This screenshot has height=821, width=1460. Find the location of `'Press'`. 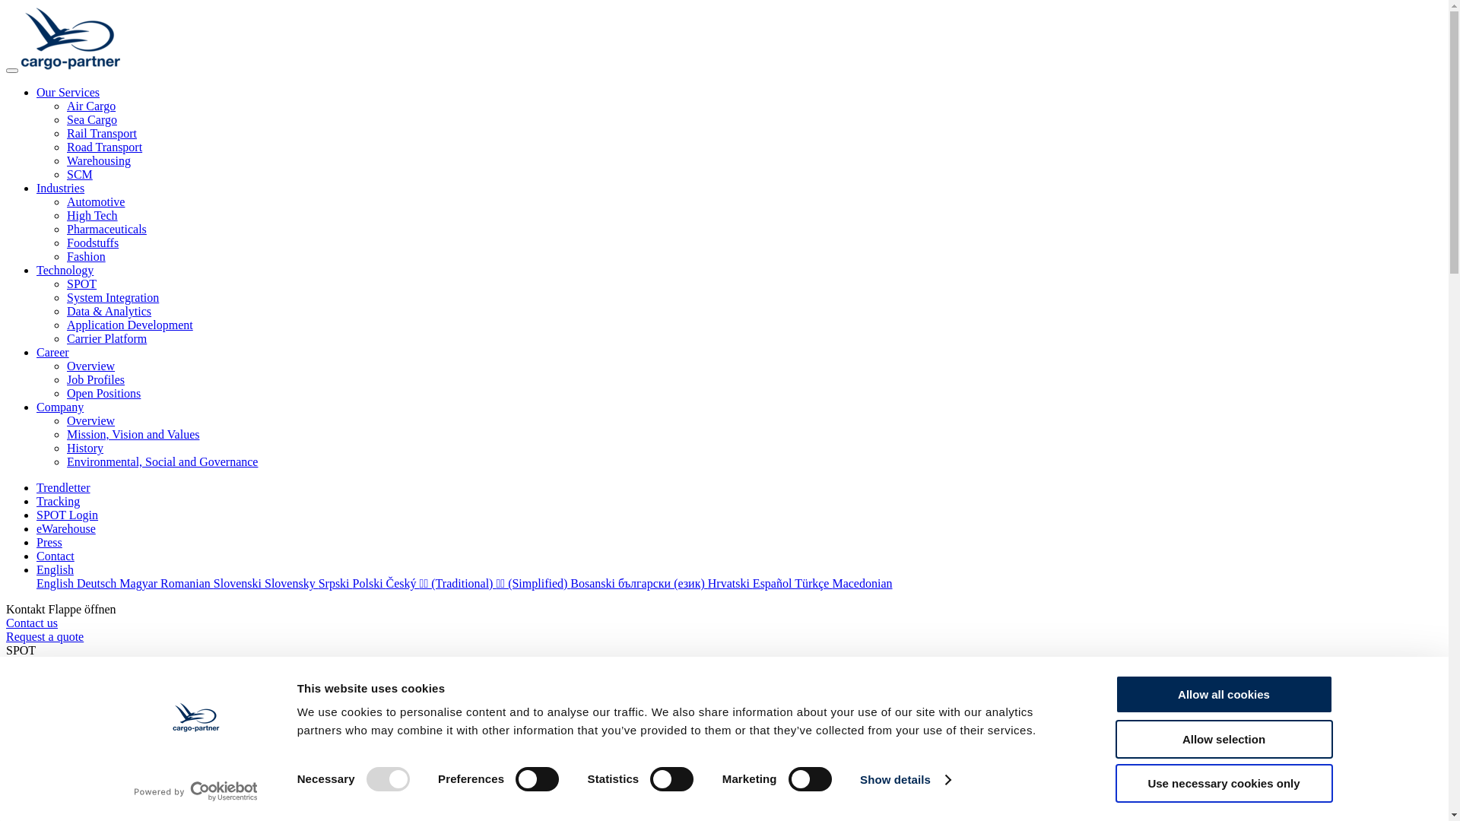

'Press' is located at coordinates (49, 541).